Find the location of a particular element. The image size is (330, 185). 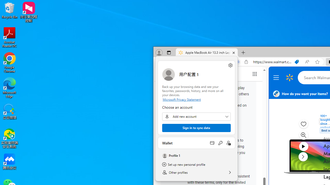

'Other profiles' is located at coordinates (196, 172).